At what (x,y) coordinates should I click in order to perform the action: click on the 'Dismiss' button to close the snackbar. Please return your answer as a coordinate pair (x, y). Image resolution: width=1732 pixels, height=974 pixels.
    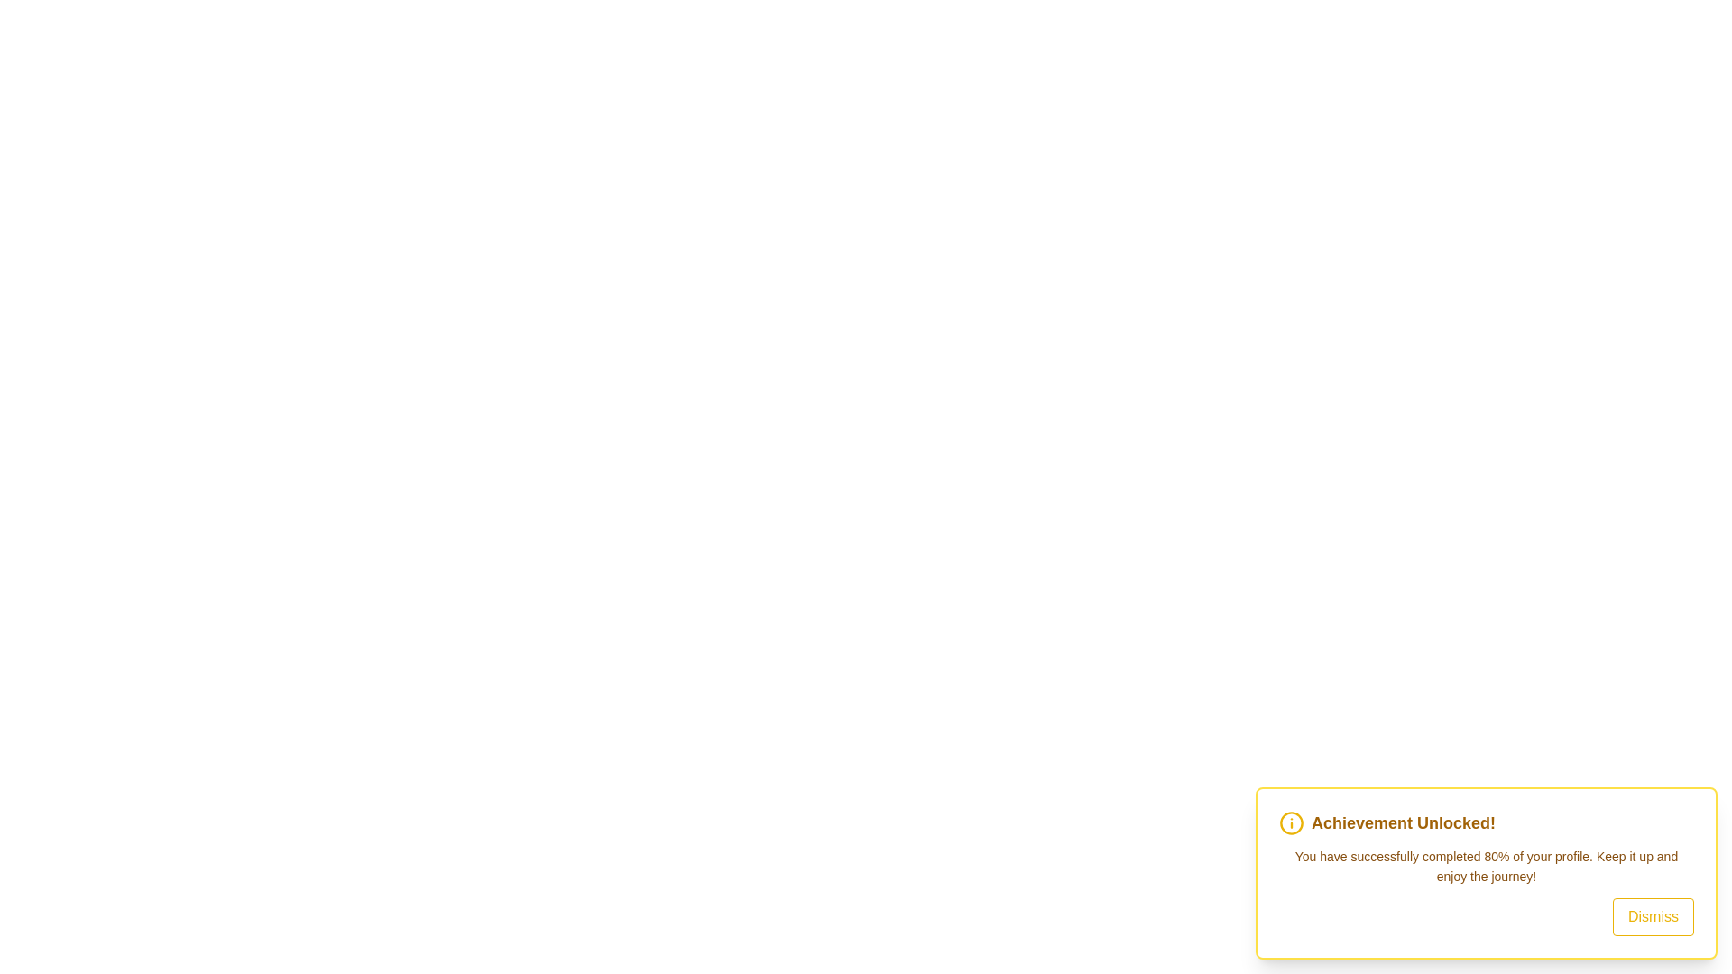
    Looking at the image, I should click on (1654, 917).